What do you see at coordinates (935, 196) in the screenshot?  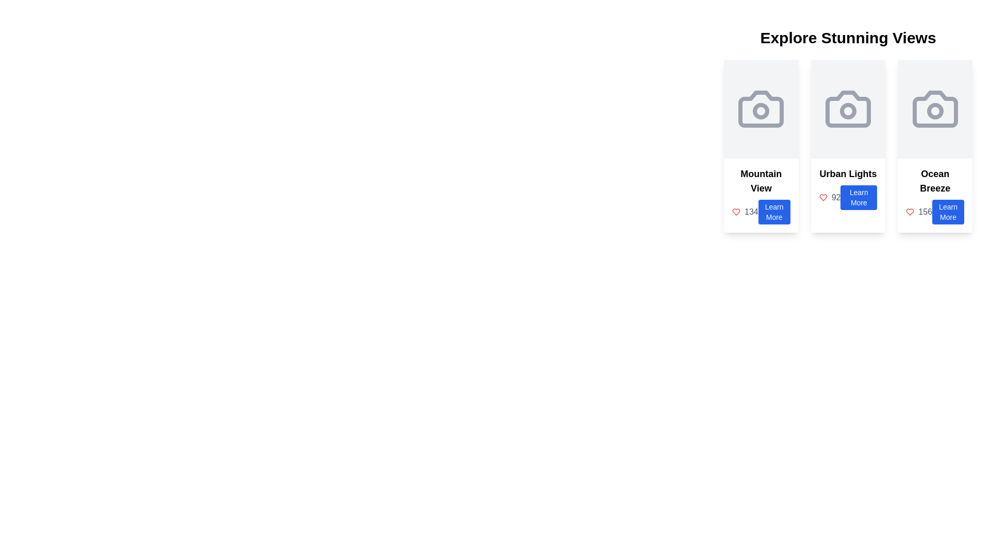 I see `the 'Learn More' button on the 'Ocean Breeze' card, which is located in the third column below 'Explore Stunning Views' in a grid layout` at bounding box center [935, 196].